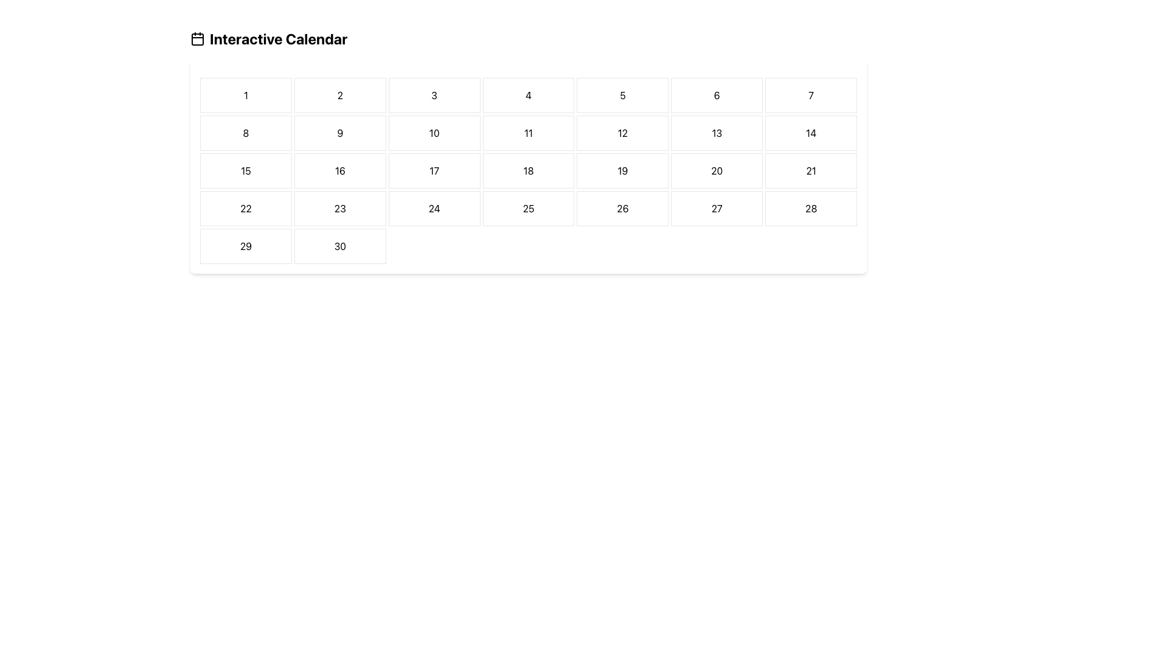 The width and height of the screenshot is (1168, 657). What do you see at coordinates (434, 208) in the screenshot?
I see `the interactive calendar cell representing the 24th day in the calendar grid` at bounding box center [434, 208].